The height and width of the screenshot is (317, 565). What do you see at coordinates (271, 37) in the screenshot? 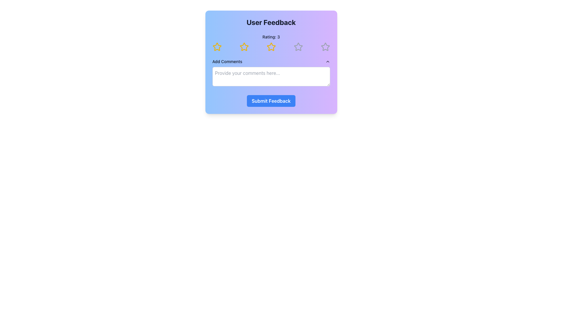
I see `the 'Rating: 3' label located at the top of the user feedback card interface, which is styled in bold black font and positioned above the star-shaped rating icons` at bounding box center [271, 37].